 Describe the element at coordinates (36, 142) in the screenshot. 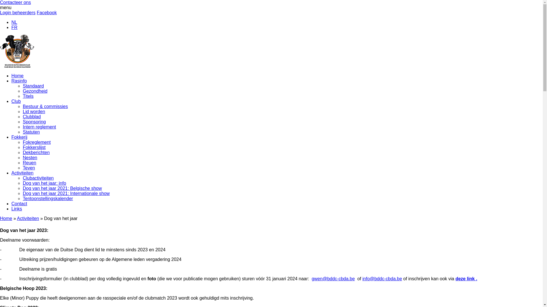

I see `'Fokreglement'` at that location.